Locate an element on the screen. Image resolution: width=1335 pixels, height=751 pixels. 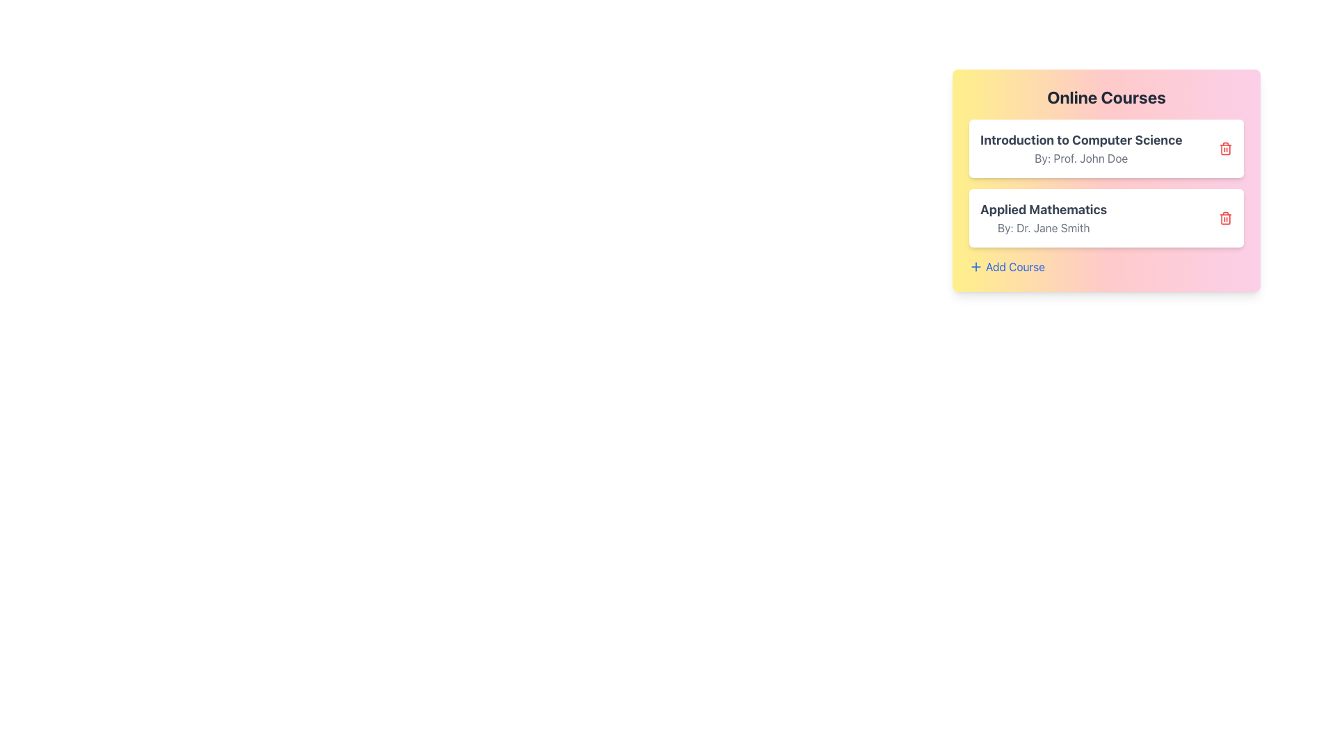
the static text 'By: Dr. Jane Smith' which is located below the title 'Applied Mathematics' in the course listing box is located at coordinates (1044, 227).